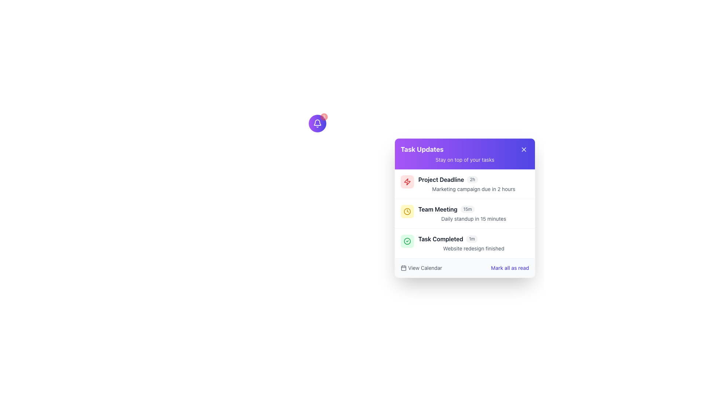 The width and height of the screenshot is (704, 396). I want to click on the Informative text block displaying the meeting title 'Team Meeting', so click(473, 213).